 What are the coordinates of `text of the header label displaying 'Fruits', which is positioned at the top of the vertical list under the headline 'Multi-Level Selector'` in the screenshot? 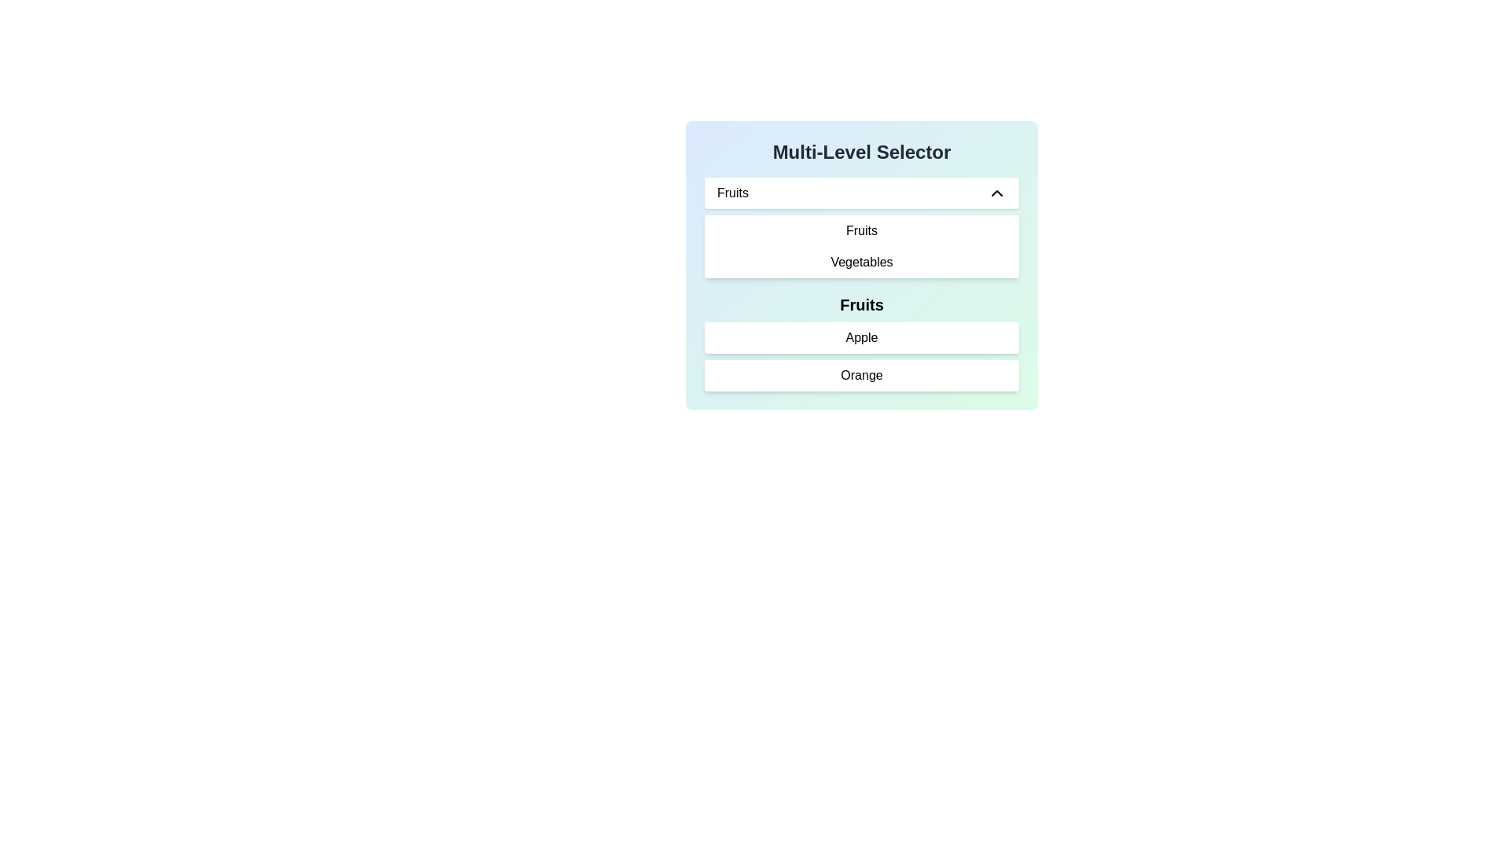 It's located at (860, 341).